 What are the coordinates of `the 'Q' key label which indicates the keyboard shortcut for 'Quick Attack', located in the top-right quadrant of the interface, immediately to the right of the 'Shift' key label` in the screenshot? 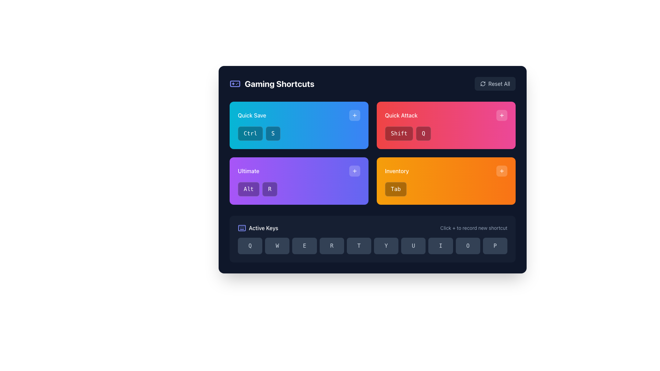 It's located at (423, 134).